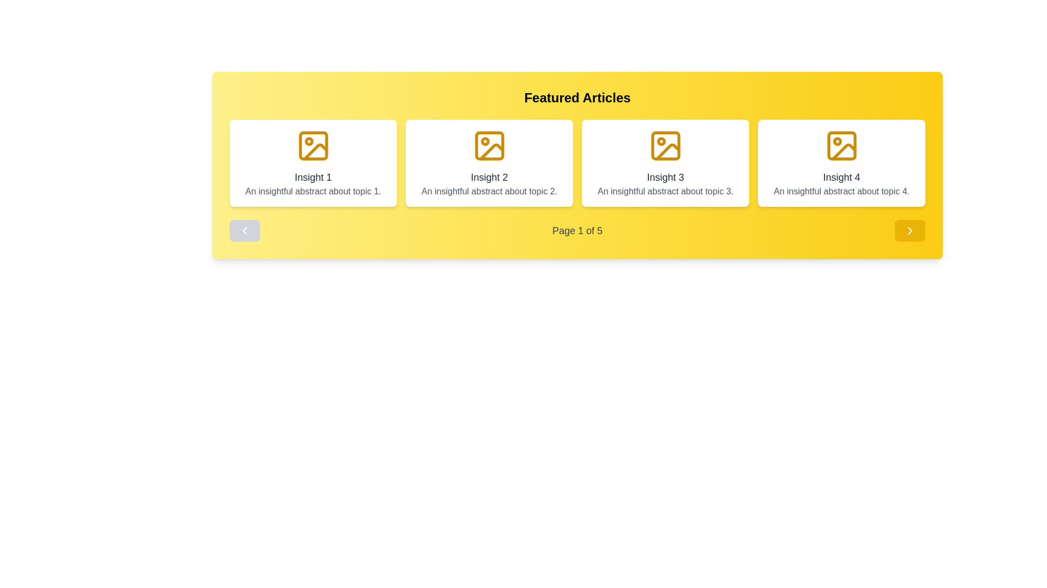  I want to click on the central smaller circle decoration within the 'Insight 3' icon, which is part of a sequence of four similar icons representing insights, so click(660, 140).